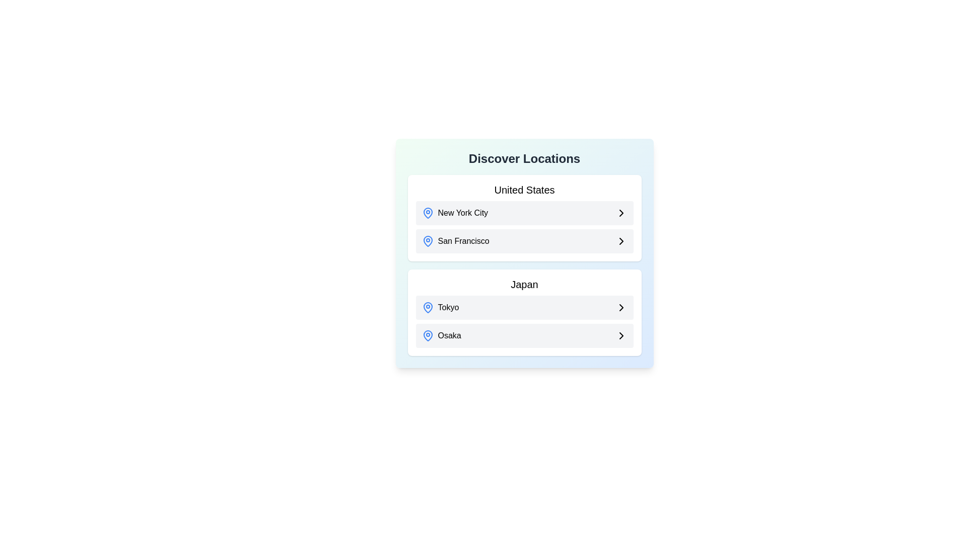 Image resolution: width=967 pixels, height=543 pixels. What do you see at coordinates (620, 307) in the screenshot?
I see `the dark rightward-pointing chevron arrow icon located to the right of the 'Tokyo' label` at bounding box center [620, 307].